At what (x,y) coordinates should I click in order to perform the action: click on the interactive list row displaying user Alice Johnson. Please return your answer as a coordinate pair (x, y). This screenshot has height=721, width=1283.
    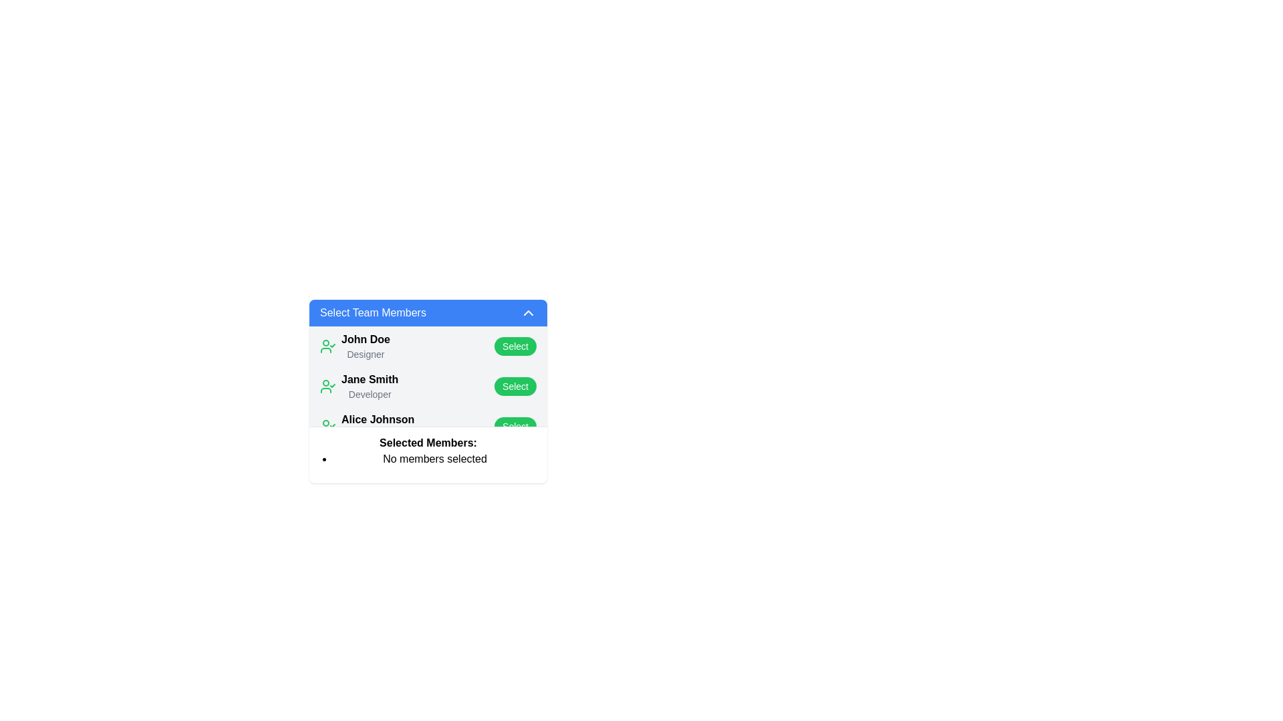
    Looking at the image, I should click on (428, 427).